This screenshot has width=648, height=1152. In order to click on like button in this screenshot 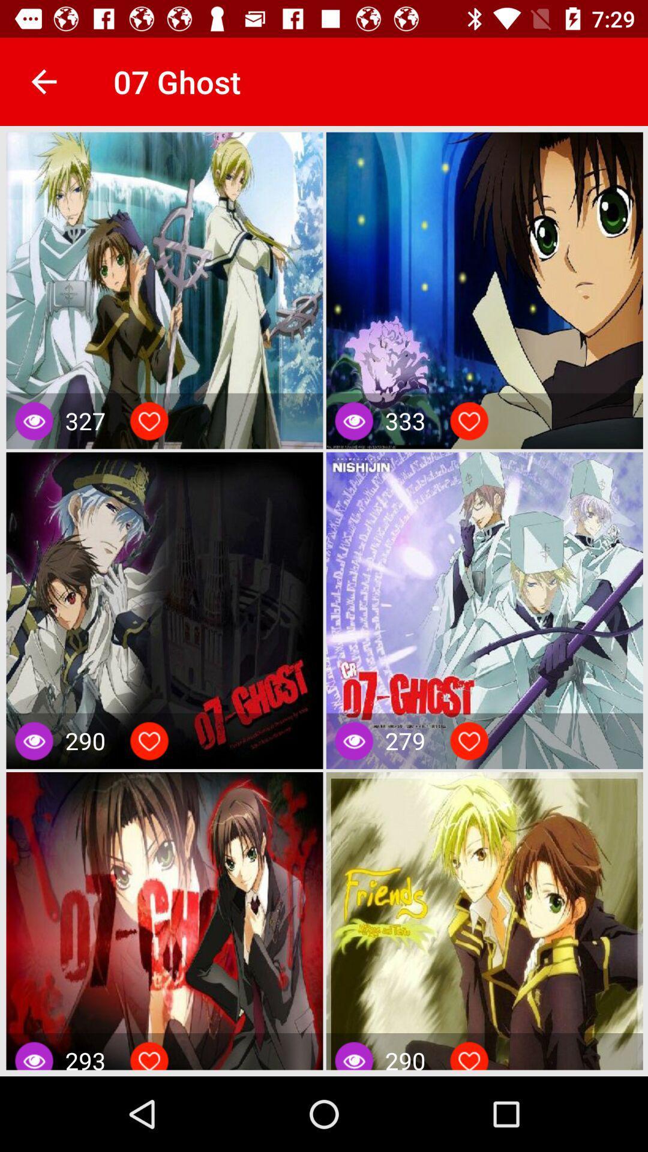, I will do `click(469, 421)`.